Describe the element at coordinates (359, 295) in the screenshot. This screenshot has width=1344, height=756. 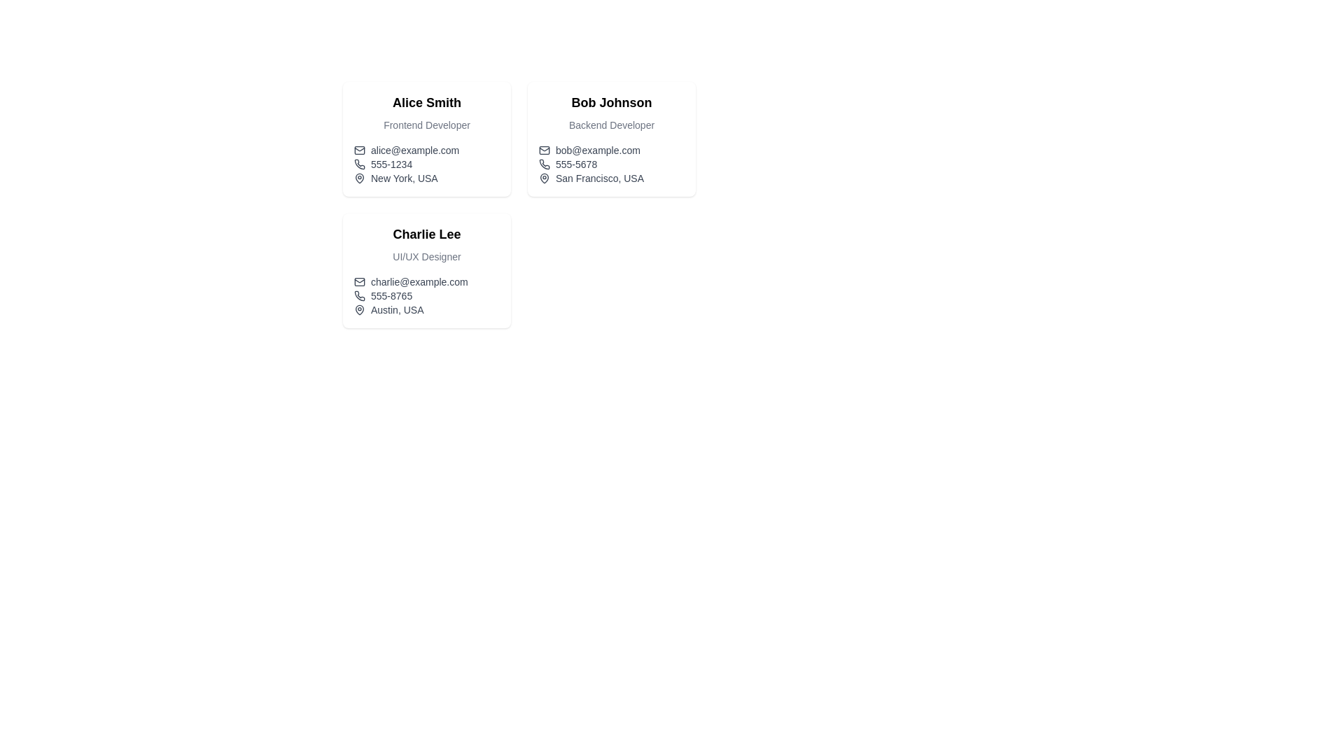
I see `the phone icon located` at that location.